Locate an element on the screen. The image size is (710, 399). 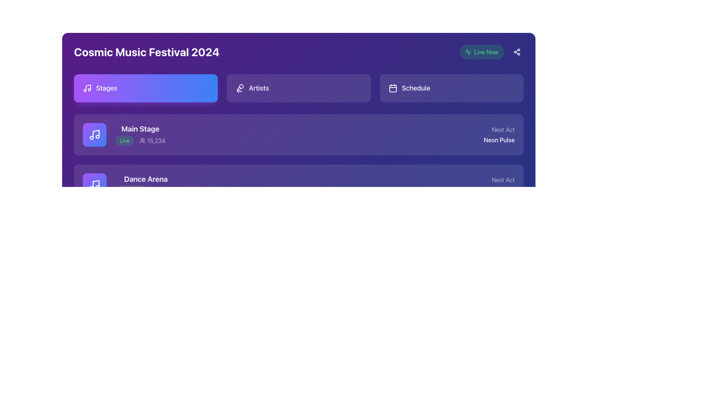
the textual display element that provides information about the upcoming act in the 'Main Stage' section, located at the top right of the section, consisting of two lines of text is located at coordinates (499, 135).